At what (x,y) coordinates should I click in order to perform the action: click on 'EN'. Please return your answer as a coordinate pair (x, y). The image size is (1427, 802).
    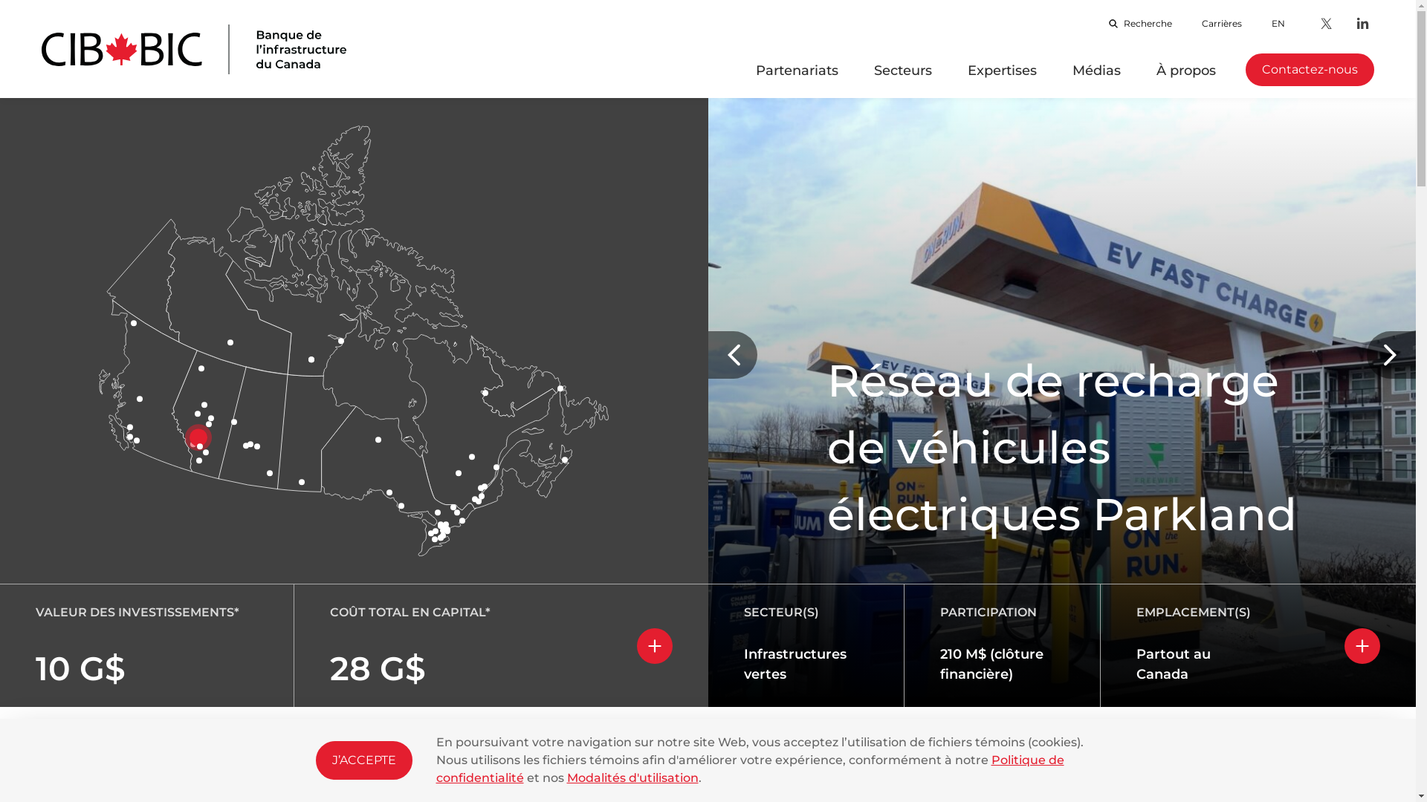
    Looking at the image, I should click on (1277, 23).